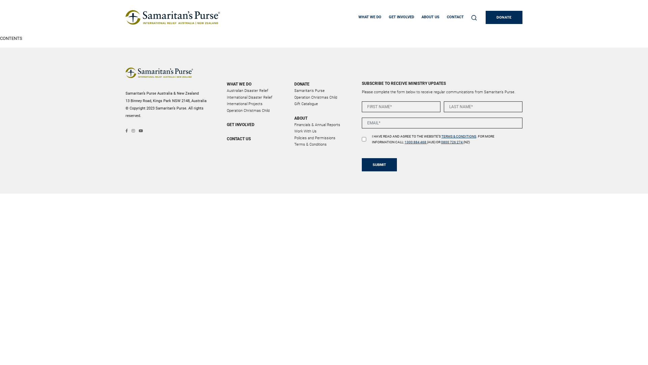 This screenshot has height=365, width=648. What do you see at coordinates (317, 124) in the screenshot?
I see `'Financials & Annual Reports'` at bounding box center [317, 124].